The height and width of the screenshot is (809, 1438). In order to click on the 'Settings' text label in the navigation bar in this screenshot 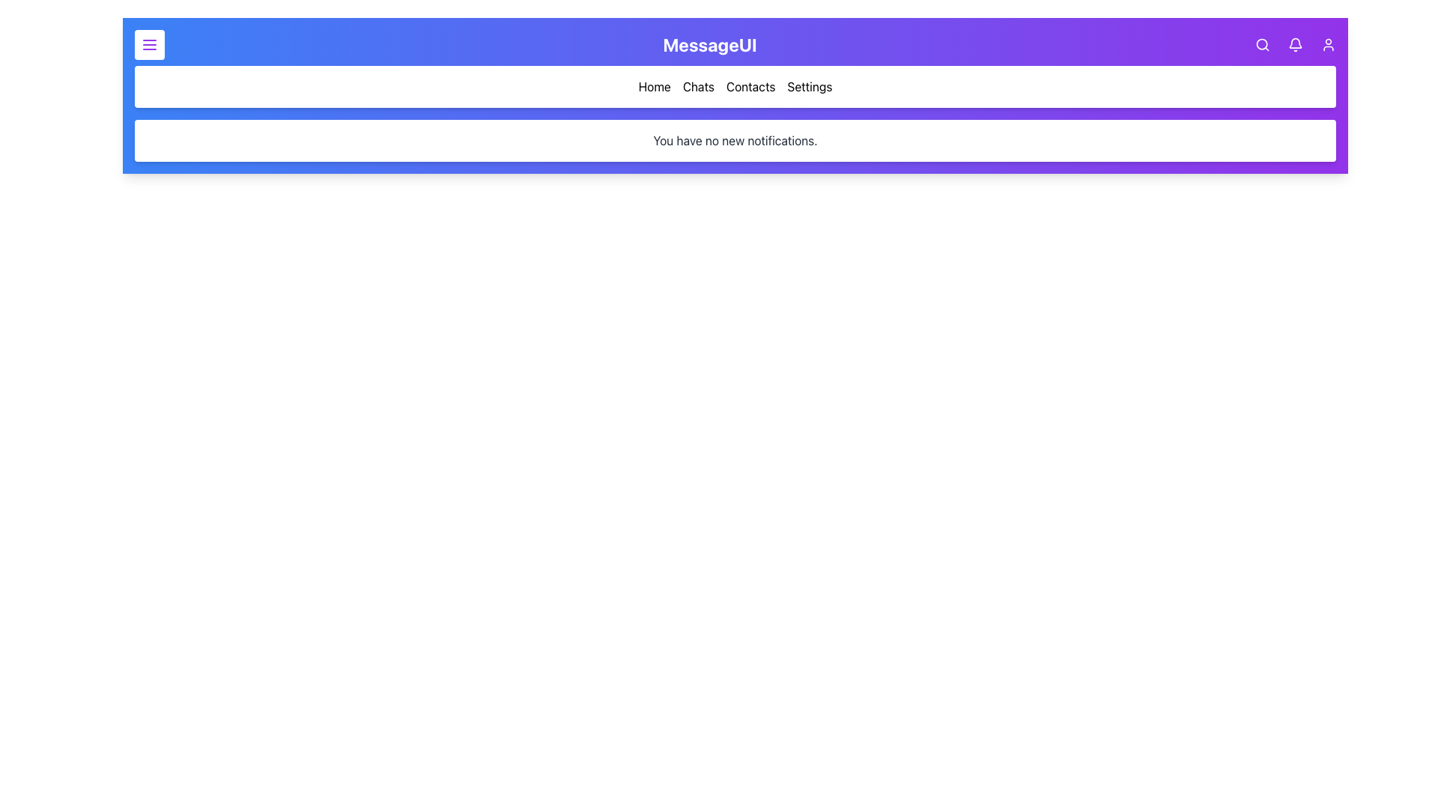, I will do `click(809, 86)`.